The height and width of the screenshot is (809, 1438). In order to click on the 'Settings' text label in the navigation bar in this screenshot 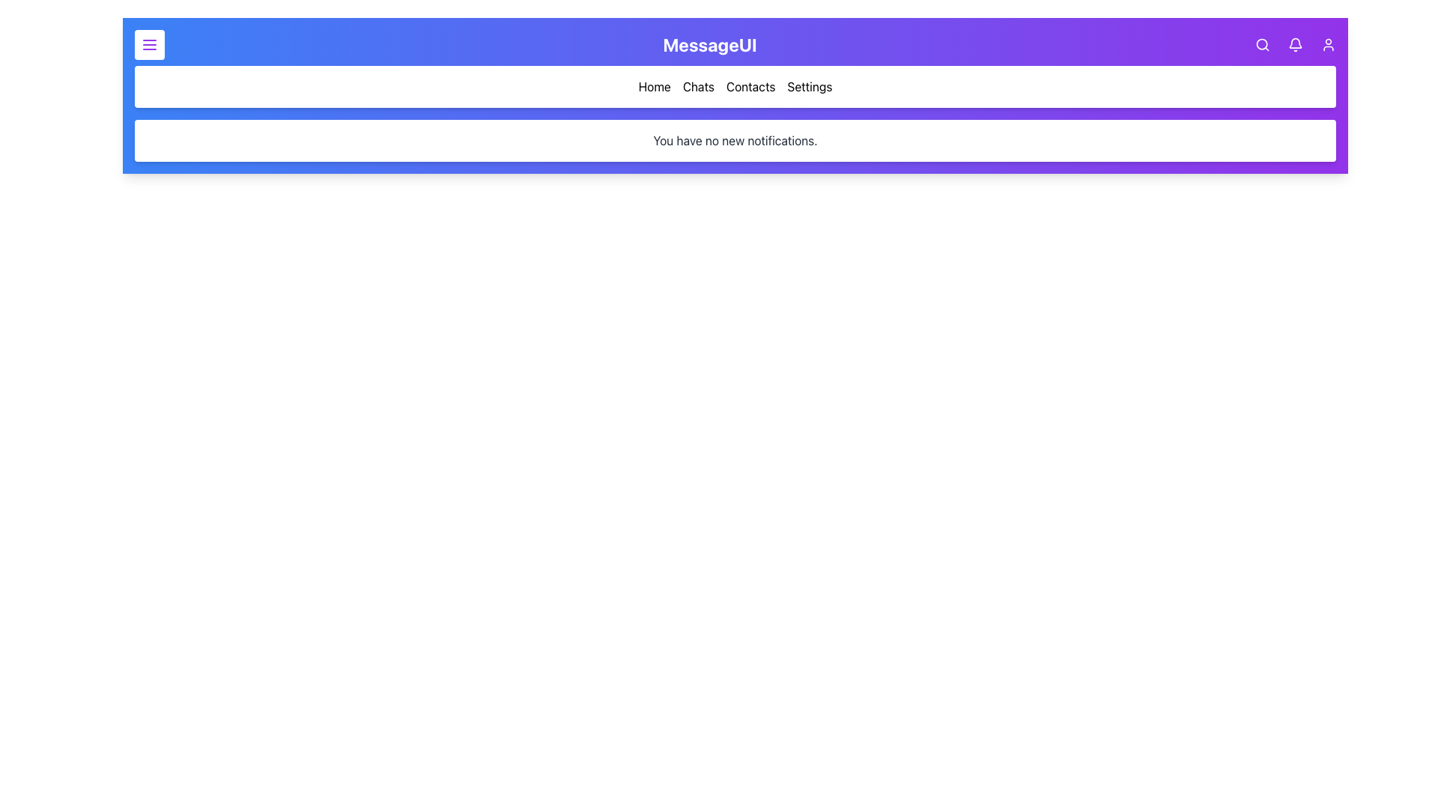, I will do `click(809, 86)`.